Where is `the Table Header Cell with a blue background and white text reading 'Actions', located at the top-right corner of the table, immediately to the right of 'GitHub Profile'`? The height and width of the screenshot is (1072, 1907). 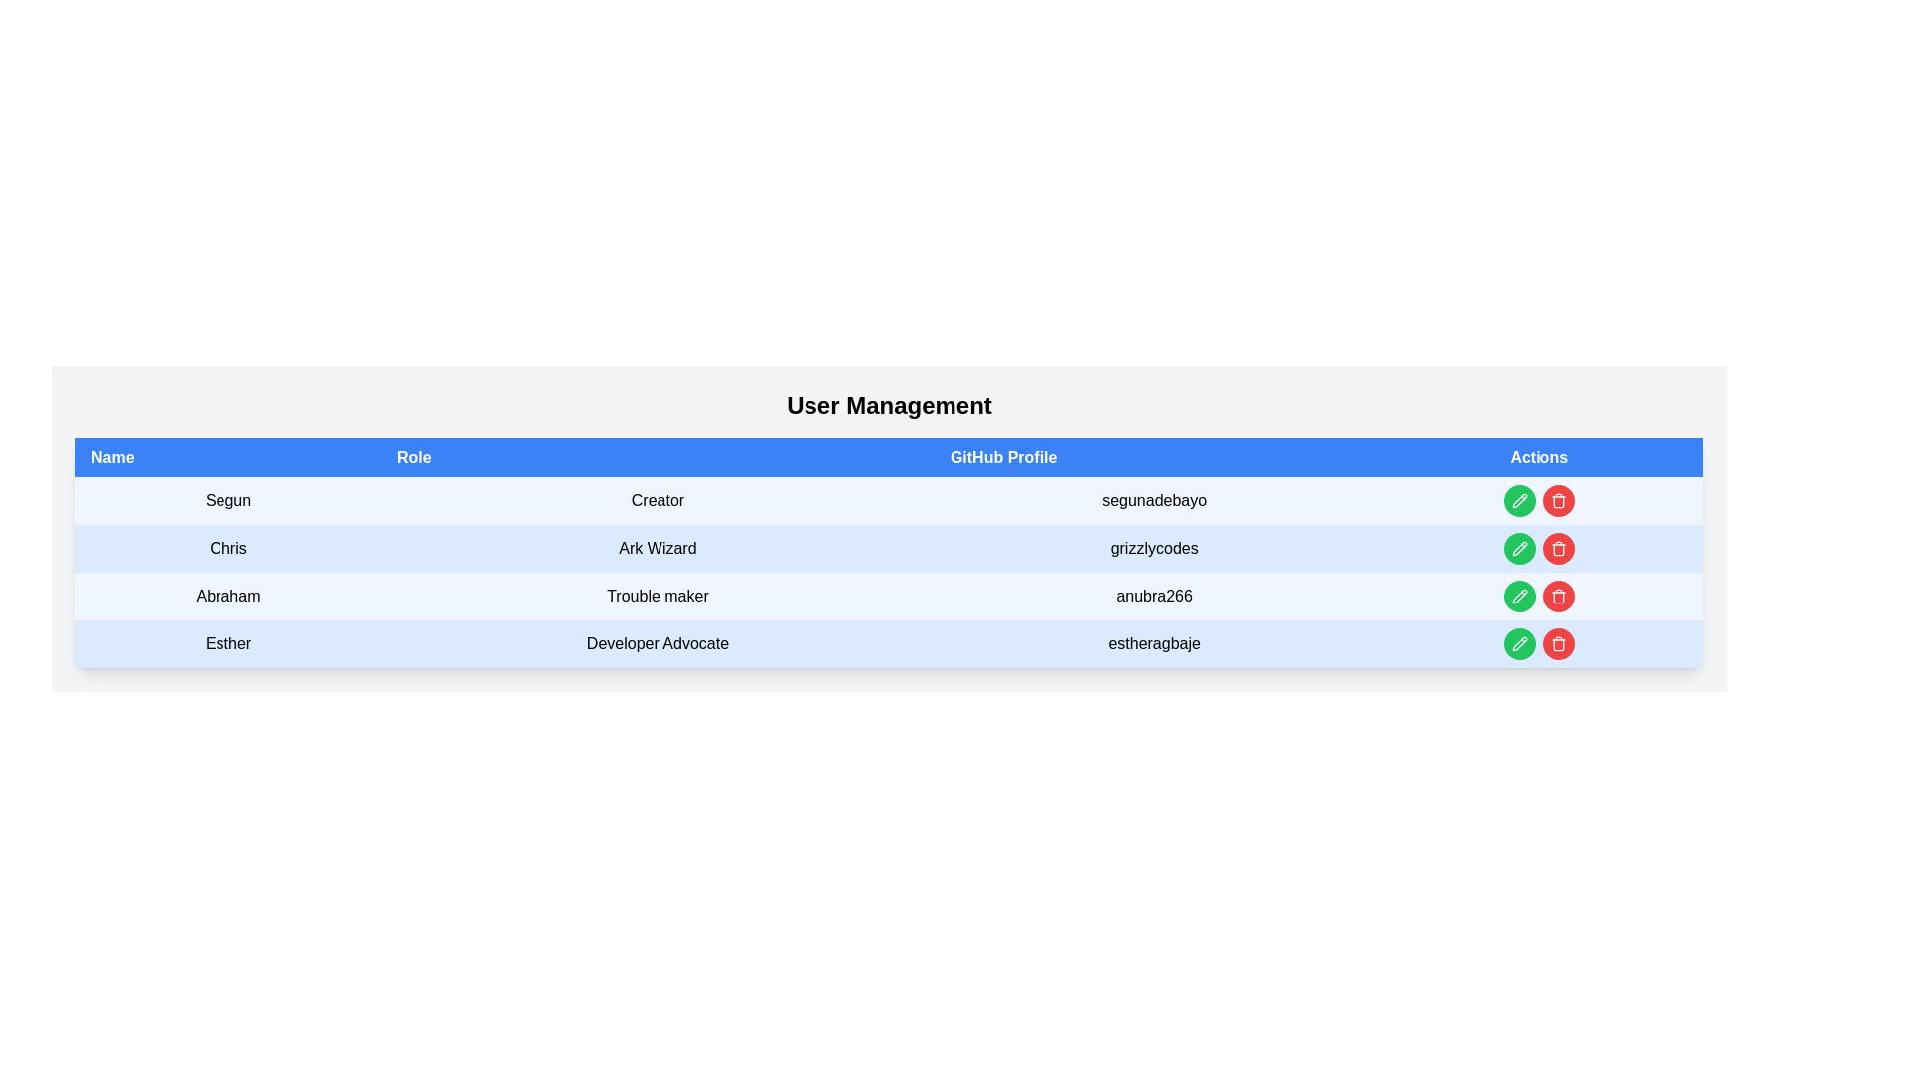
the Table Header Cell with a blue background and white text reading 'Actions', located at the top-right corner of the table, immediately to the right of 'GitHub Profile' is located at coordinates (1538, 458).